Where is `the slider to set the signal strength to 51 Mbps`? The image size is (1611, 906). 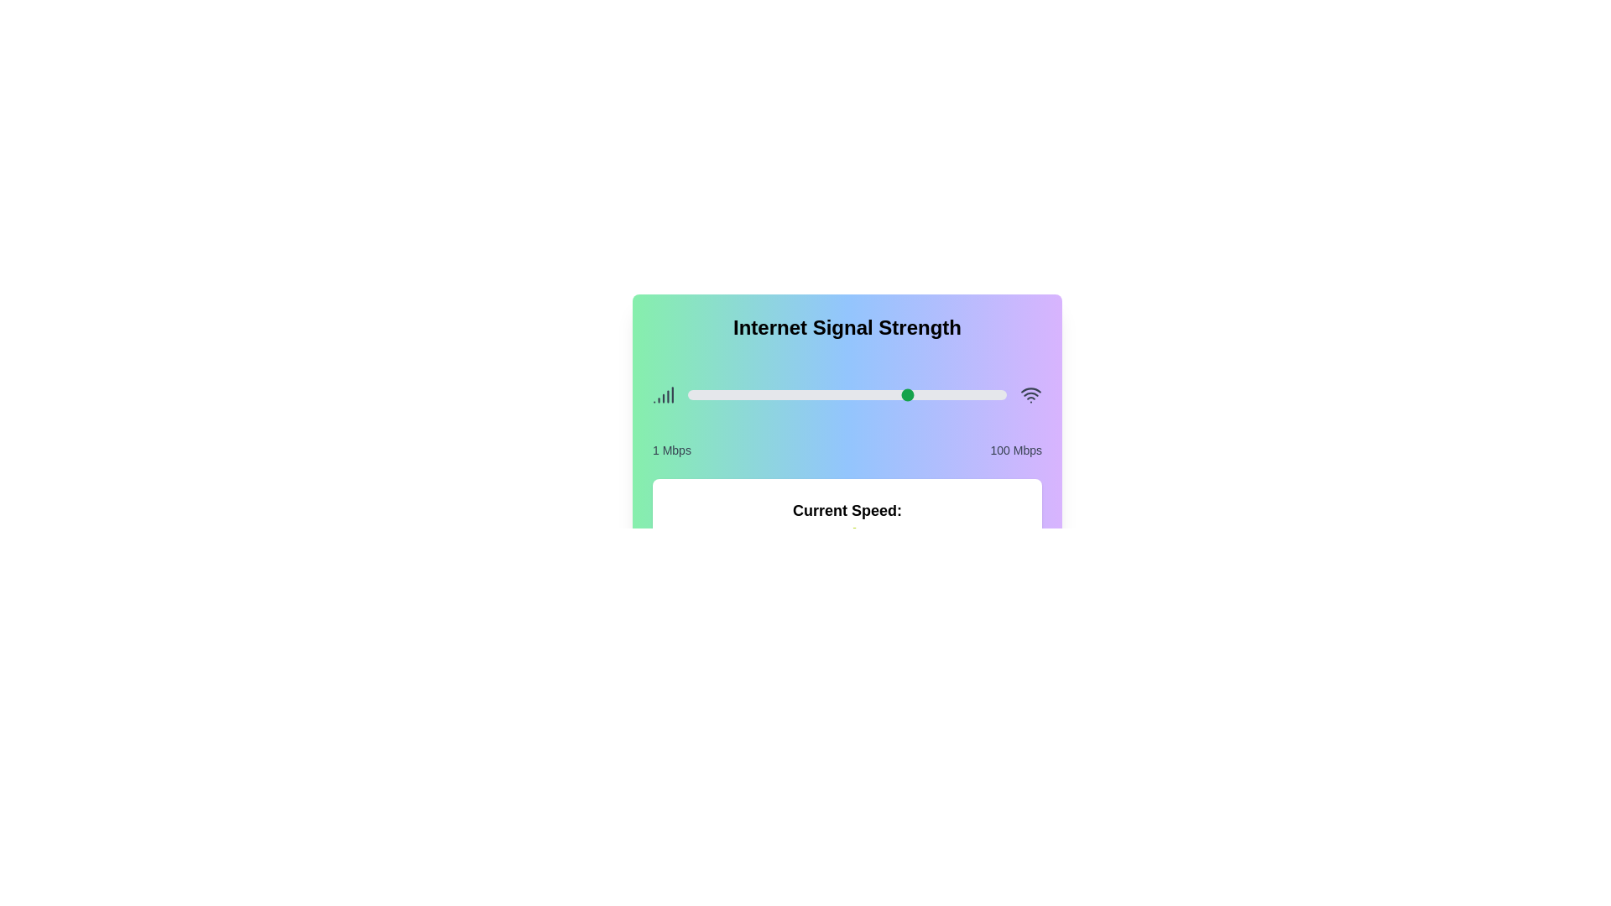
the slider to set the signal strength to 51 Mbps is located at coordinates (848, 394).